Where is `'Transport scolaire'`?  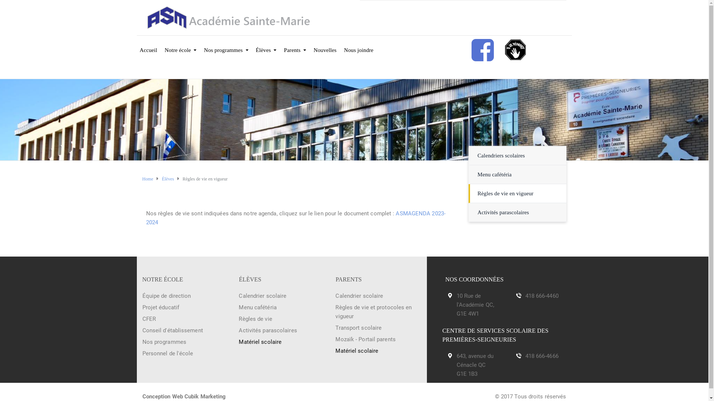
'Transport scolaire' is located at coordinates (358, 327).